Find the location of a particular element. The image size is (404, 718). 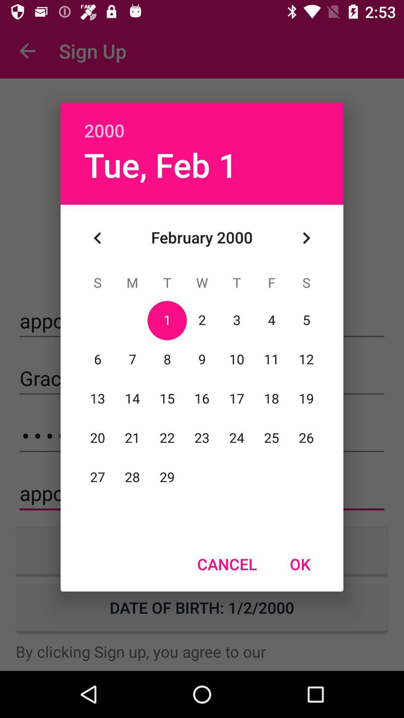

item next to cancel item is located at coordinates (300, 564).